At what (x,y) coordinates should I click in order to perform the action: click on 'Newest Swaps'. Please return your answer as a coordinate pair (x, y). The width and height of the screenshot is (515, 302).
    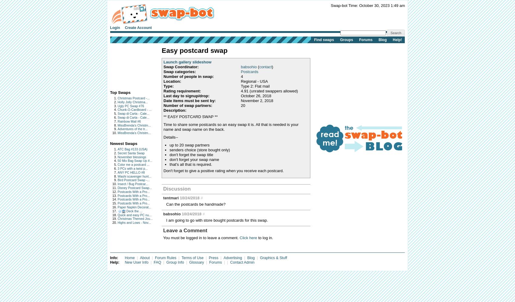
    Looking at the image, I should click on (123, 143).